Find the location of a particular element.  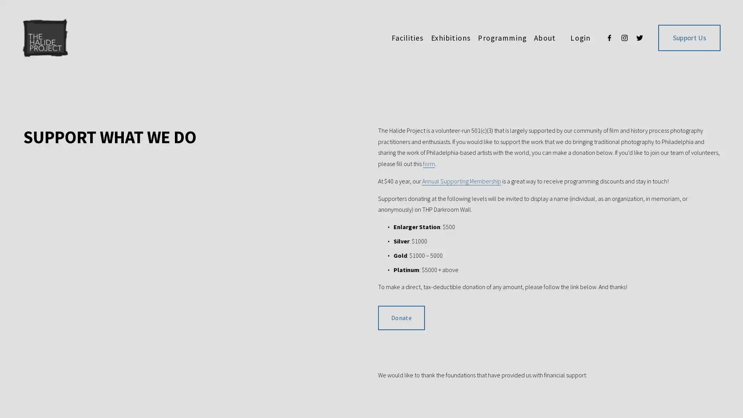

Donate is located at coordinates (401, 318).